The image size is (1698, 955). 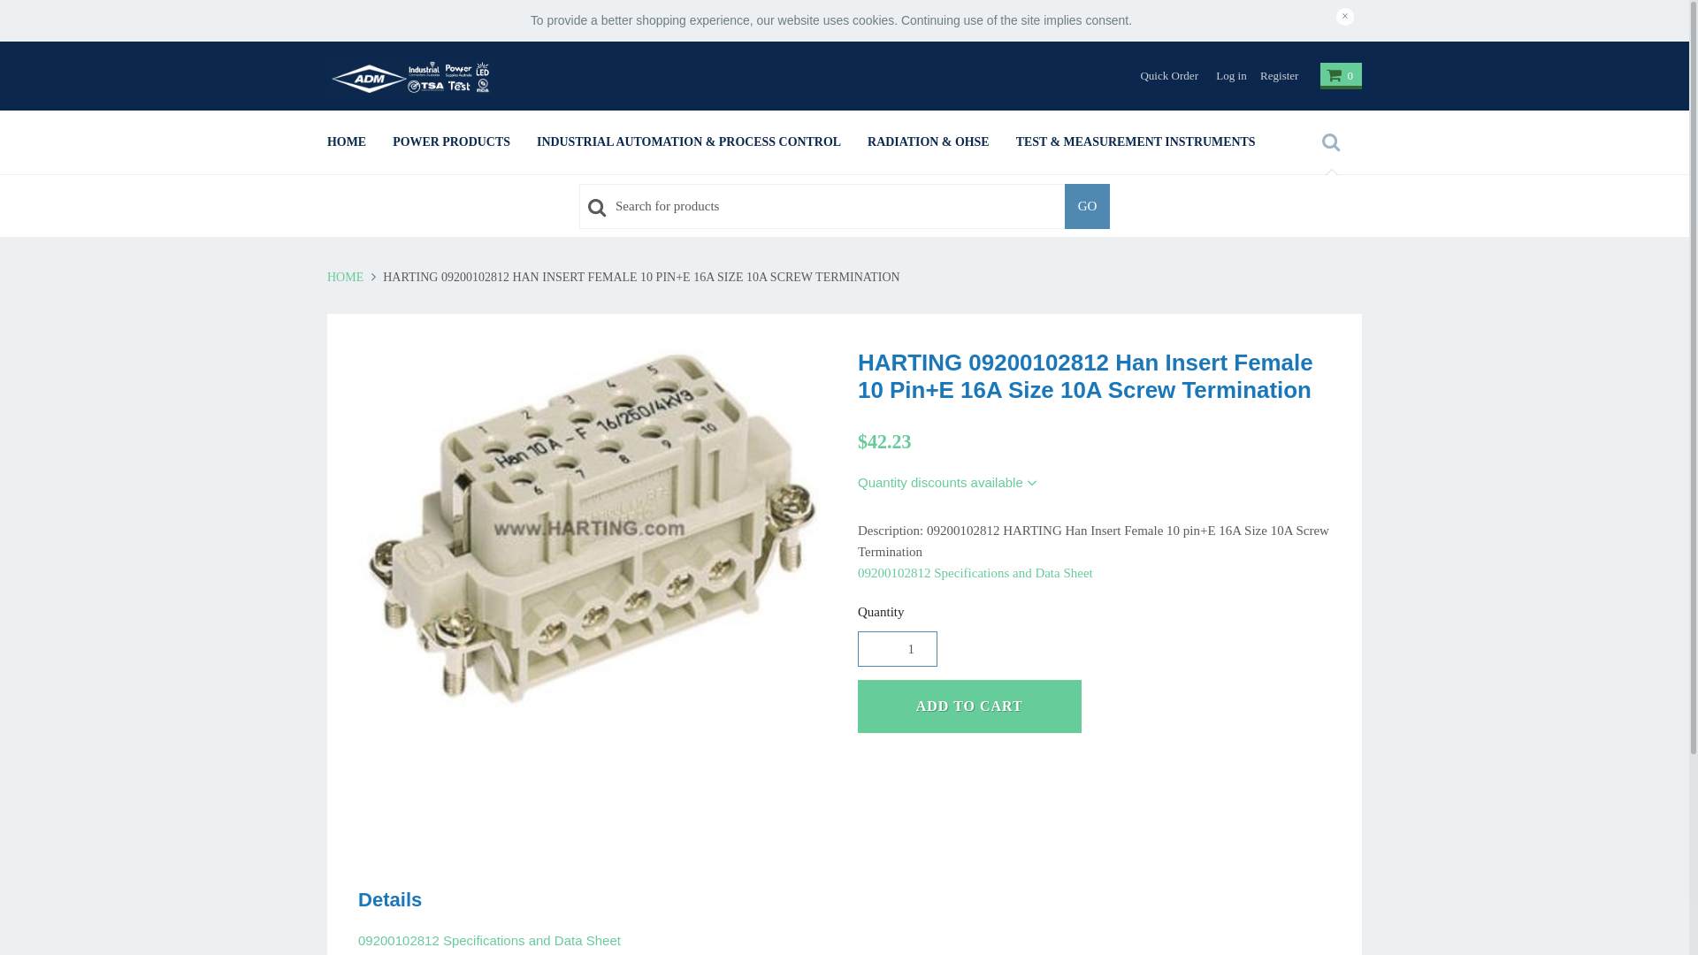 I want to click on 'HOME', so click(x=347, y=141).